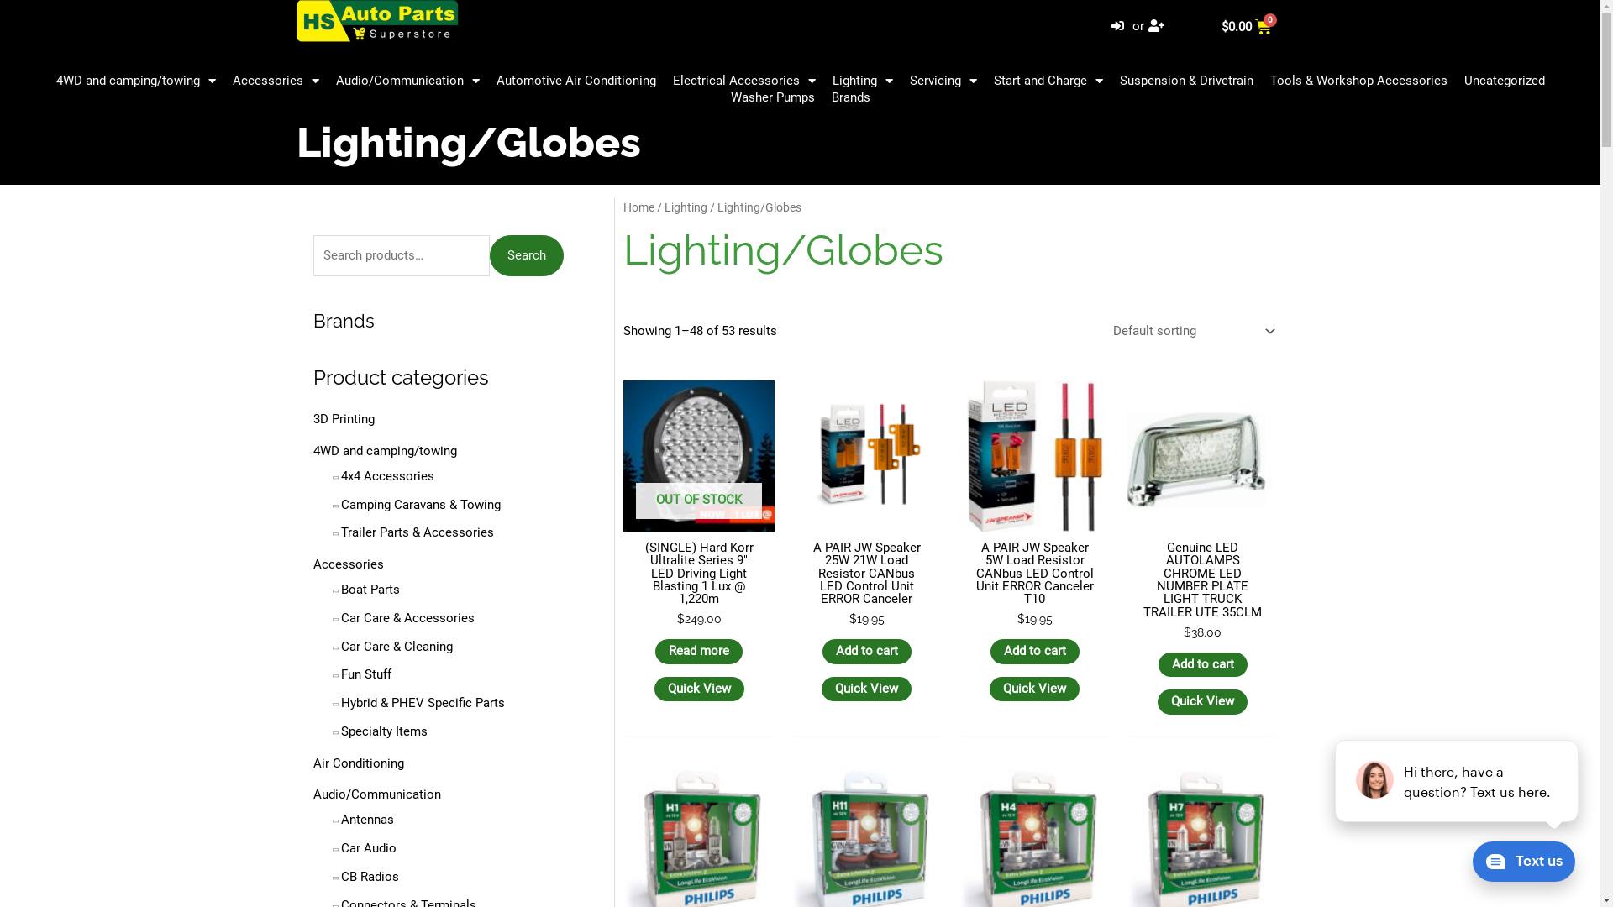 This screenshot has width=1613, height=907. I want to click on 'Fun Stuff', so click(365, 673).